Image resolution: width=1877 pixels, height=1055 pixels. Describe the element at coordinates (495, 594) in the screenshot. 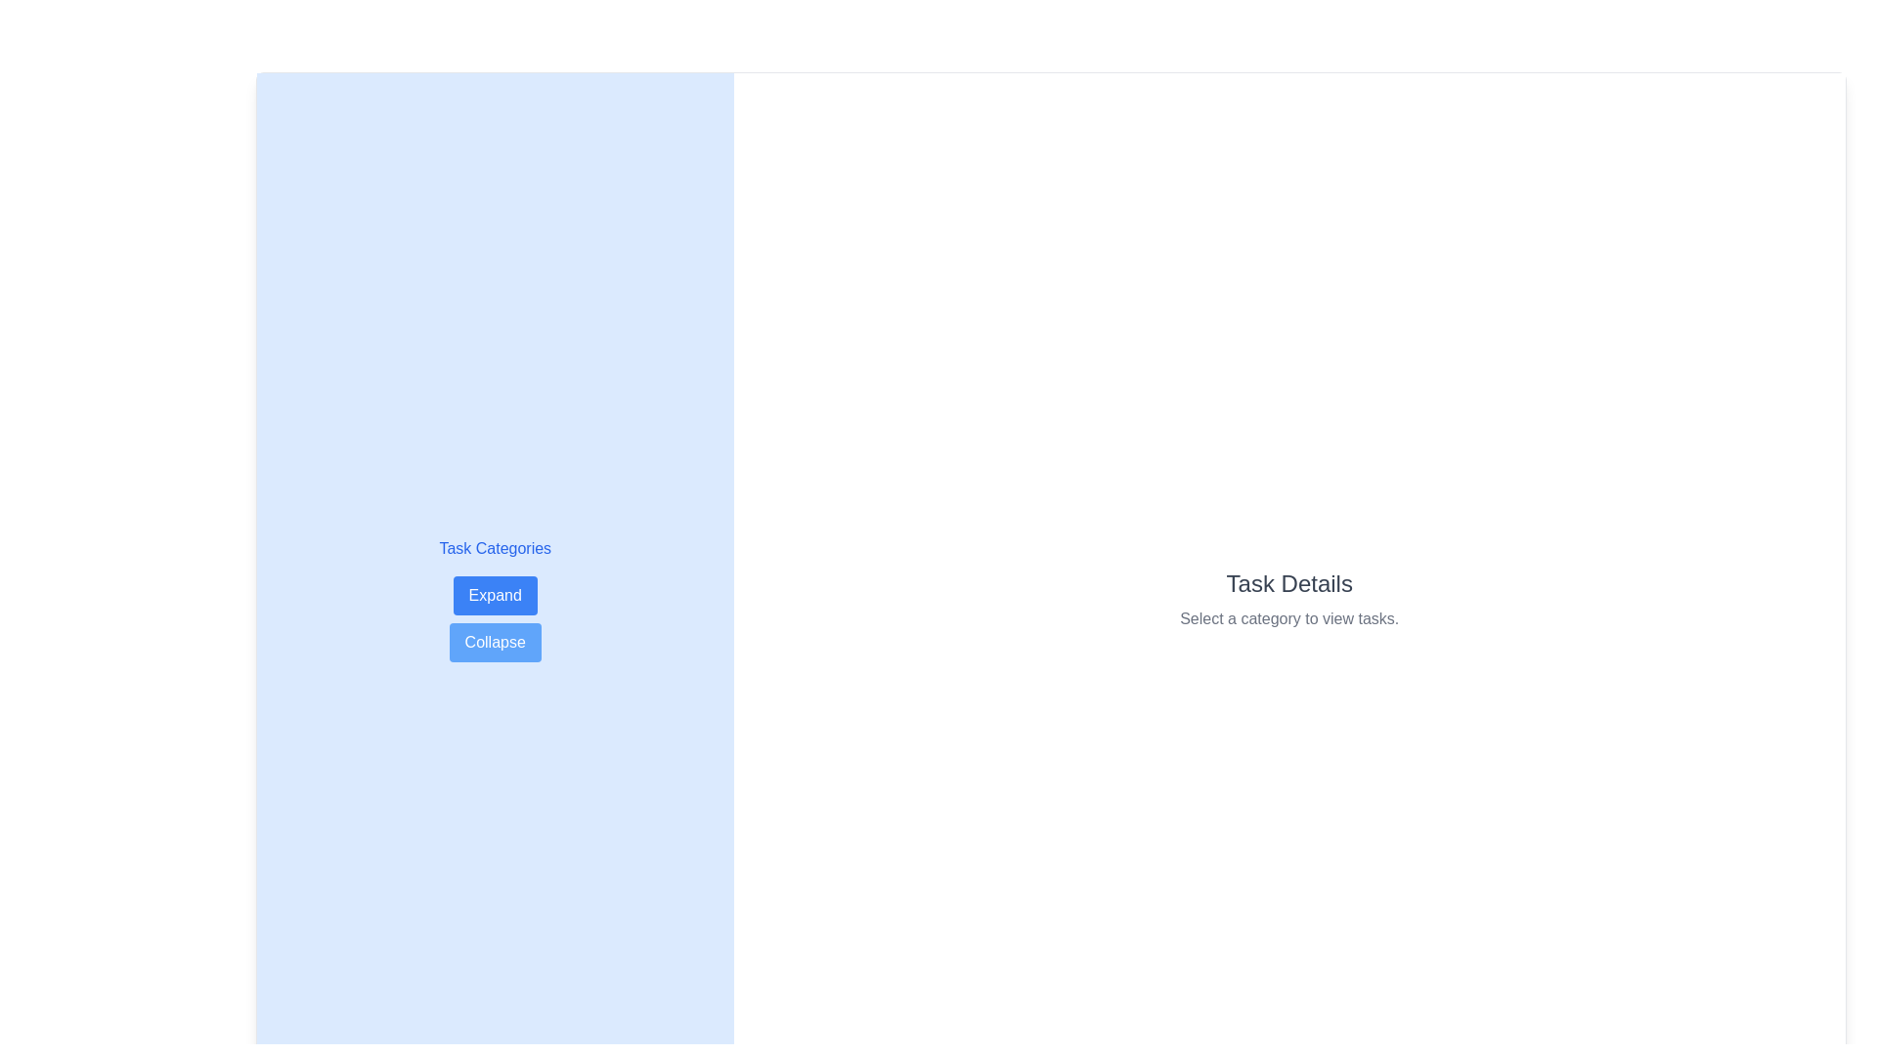

I see `the blue rectangular button labeled 'Expand' located below the 'Task Categories' label` at that location.